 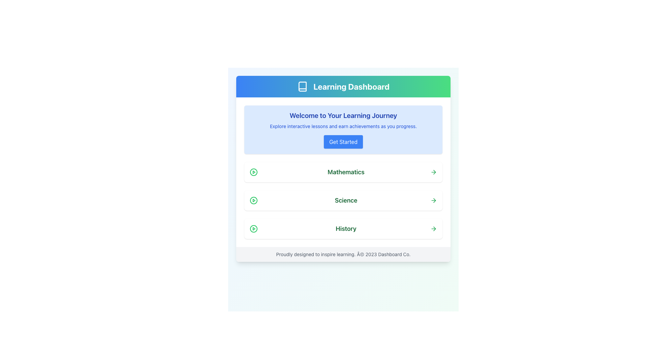 What do you see at coordinates (343, 172) in the screenshot?
I see `the first list item titled 'Mathematics'` at bounding box center [343, 172].